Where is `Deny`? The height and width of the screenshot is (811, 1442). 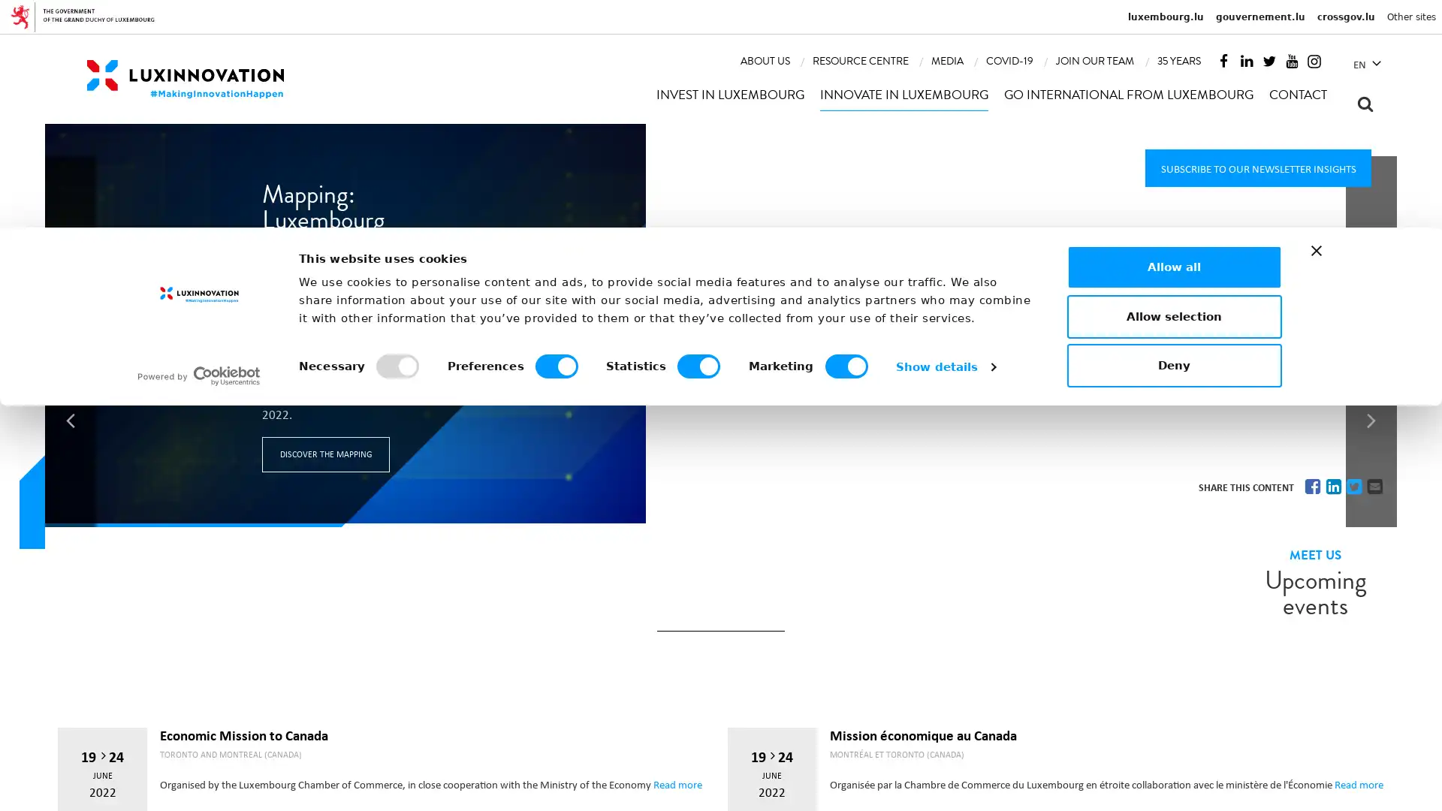
Deny is located at coordinates (1173, 770).